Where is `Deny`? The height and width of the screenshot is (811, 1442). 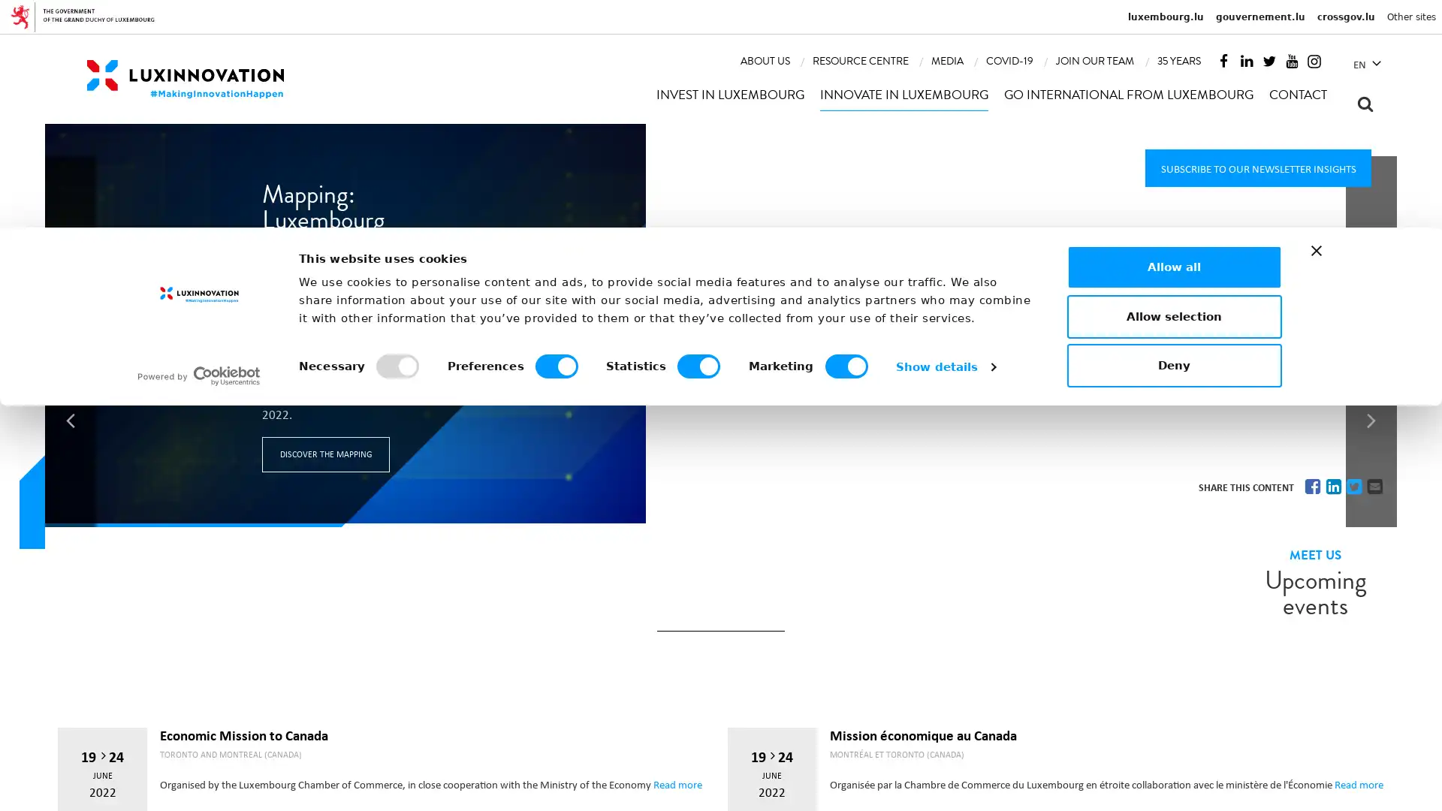
Deny is located at coordinates (1173, 770).